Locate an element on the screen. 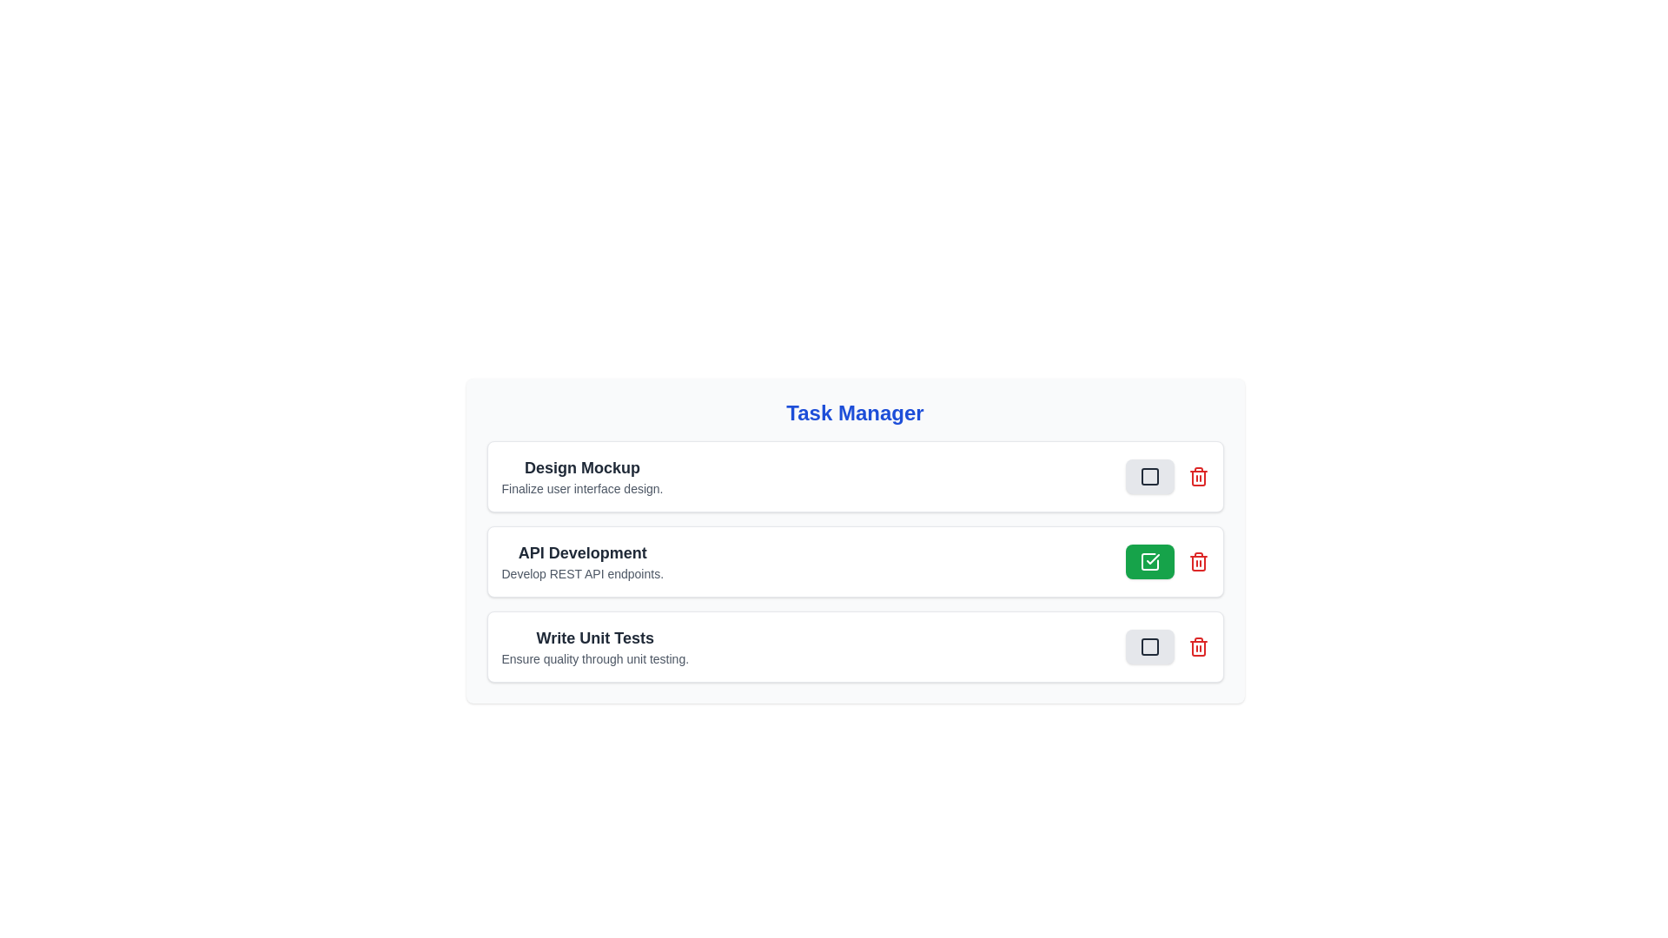  the composite text element titled 'Write Unit Tests' with the description 'Ensure quality through unit testing.' located in the third task card of the task management interface is located at coordinates (595, 646).